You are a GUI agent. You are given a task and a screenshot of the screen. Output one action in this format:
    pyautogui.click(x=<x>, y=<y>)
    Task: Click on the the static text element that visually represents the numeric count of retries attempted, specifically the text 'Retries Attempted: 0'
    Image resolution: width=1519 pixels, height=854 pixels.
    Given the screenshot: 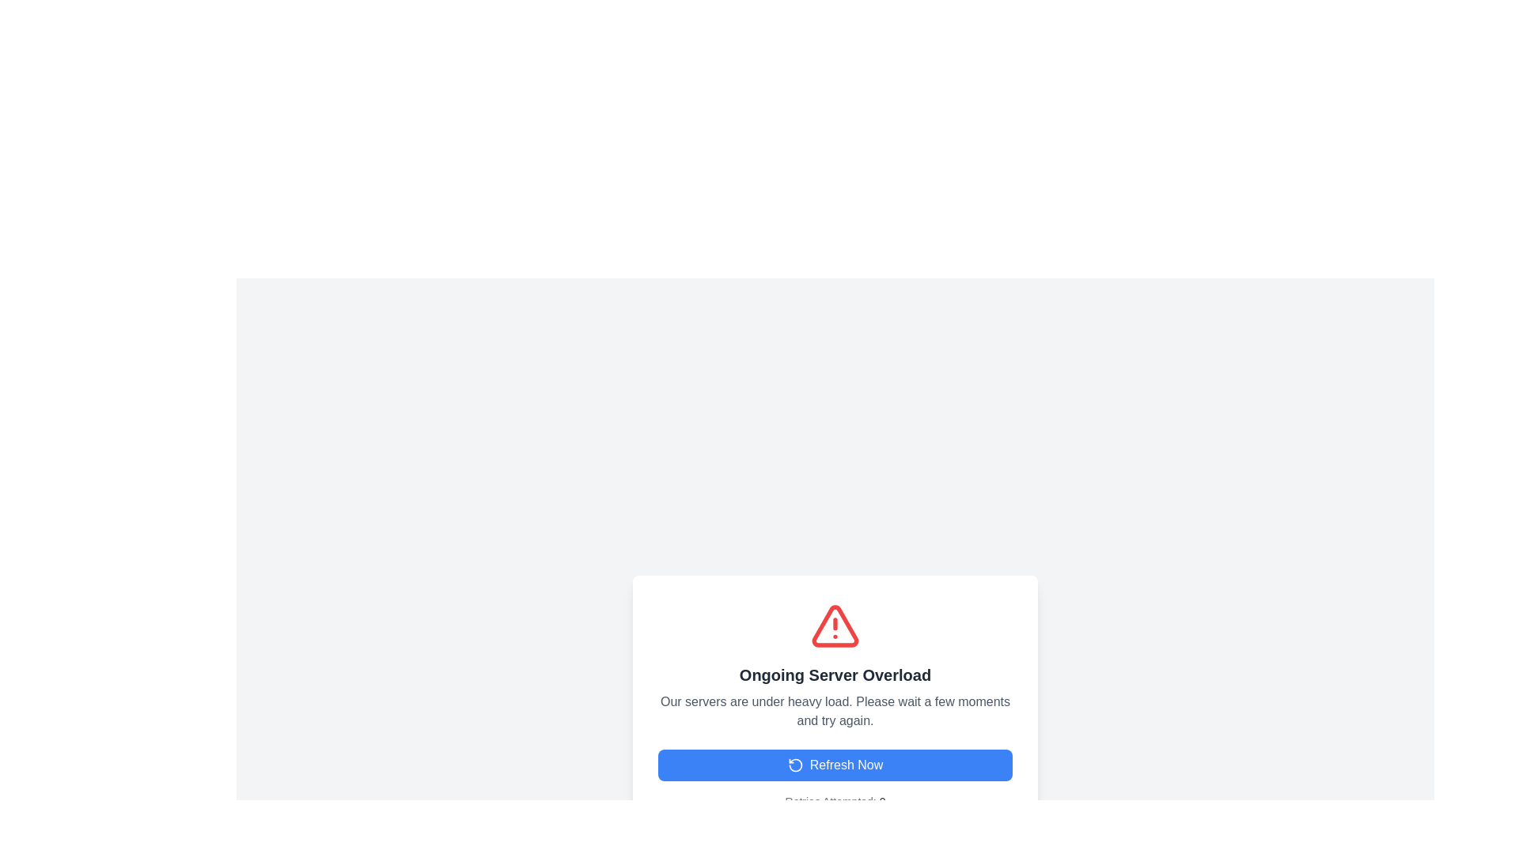 What is the action you would take?
    pyautogui.click(x=881, y=802)
    